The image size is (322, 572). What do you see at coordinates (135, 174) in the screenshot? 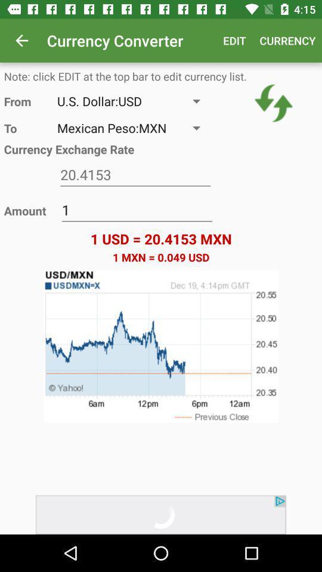
I see `the icon below currency exchange rate icon` at bounding box center [135, 174].